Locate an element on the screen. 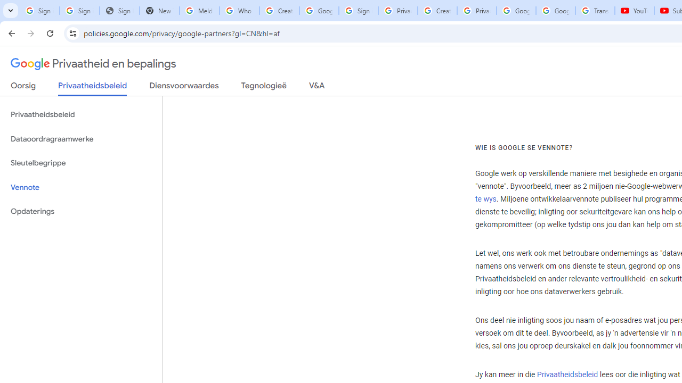 The image size is (682, 383). 'Privaatheidsbeleid' is located at coordinates (566, 374).